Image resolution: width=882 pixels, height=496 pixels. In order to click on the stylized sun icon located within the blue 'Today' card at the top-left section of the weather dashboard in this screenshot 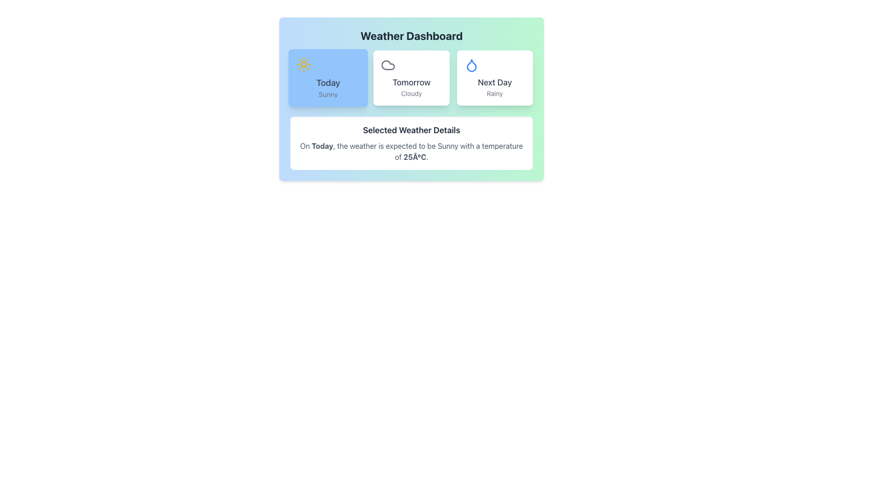, I will do `click(304, 64)`.